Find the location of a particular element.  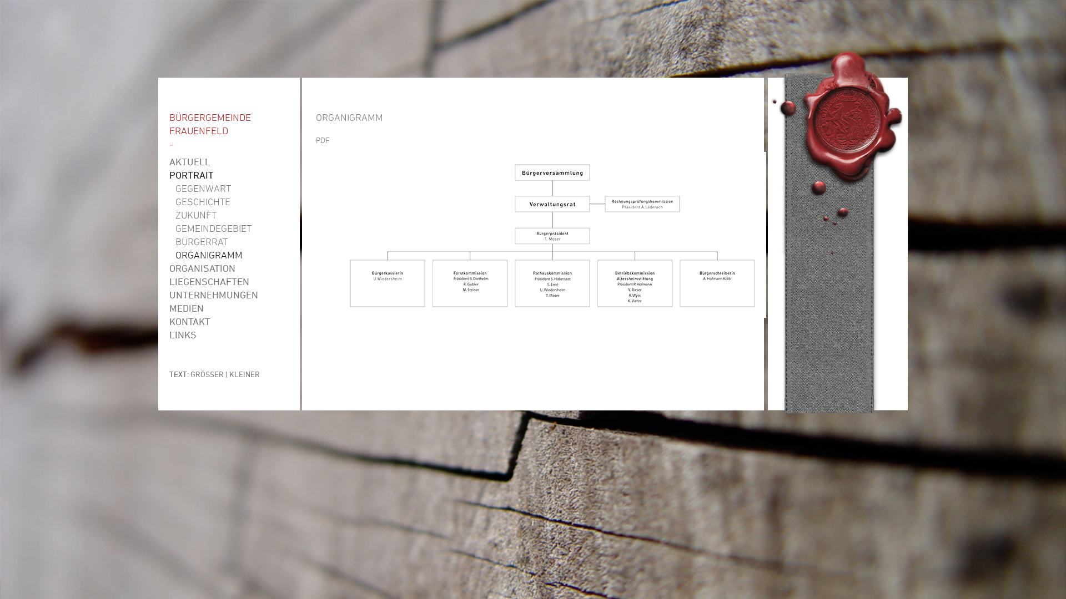

'KLEINER' is located at coordinates (244, 374).